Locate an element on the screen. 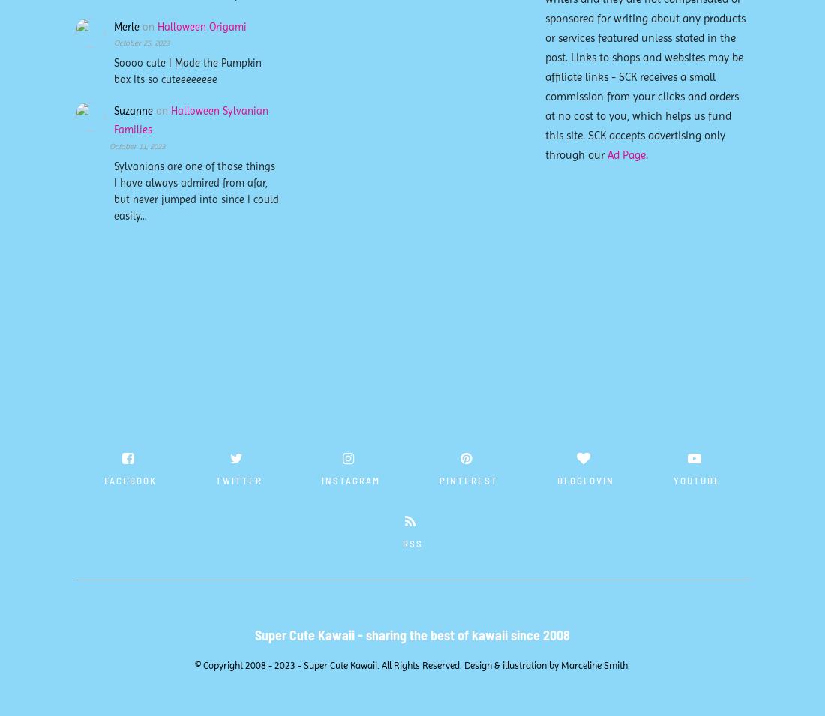 The width and height of the screenshot is (825, 716). 'Sylvanians are one of those things I have always admired from afar, but never jumped into since I could easily…' is located at coordinates (196, 190).